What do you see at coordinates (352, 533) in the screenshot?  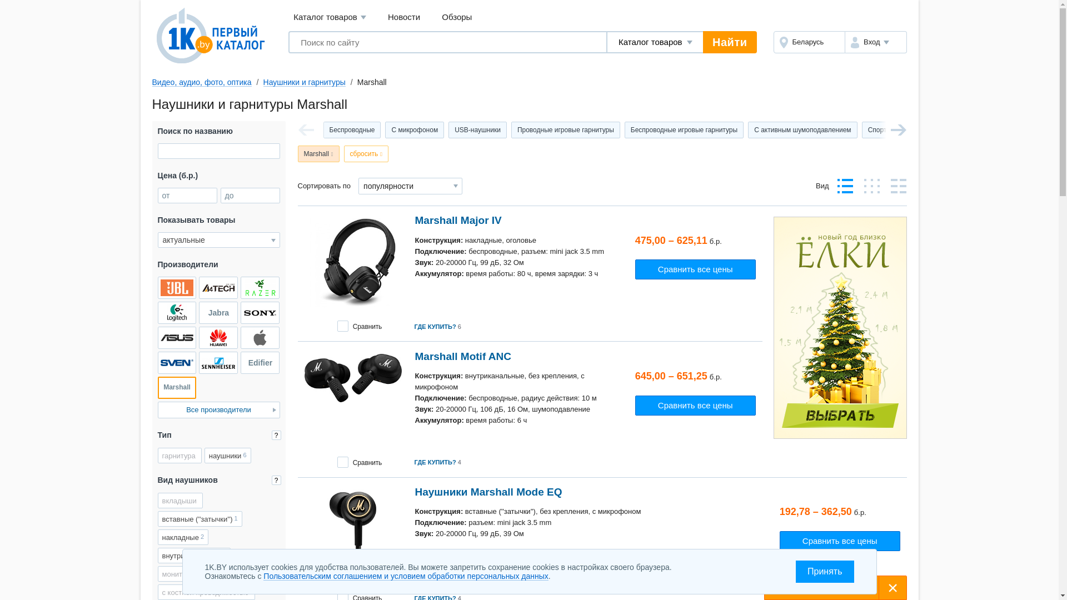 I see `'Marshall Mode EQ'` at bounding box center [352, 533].